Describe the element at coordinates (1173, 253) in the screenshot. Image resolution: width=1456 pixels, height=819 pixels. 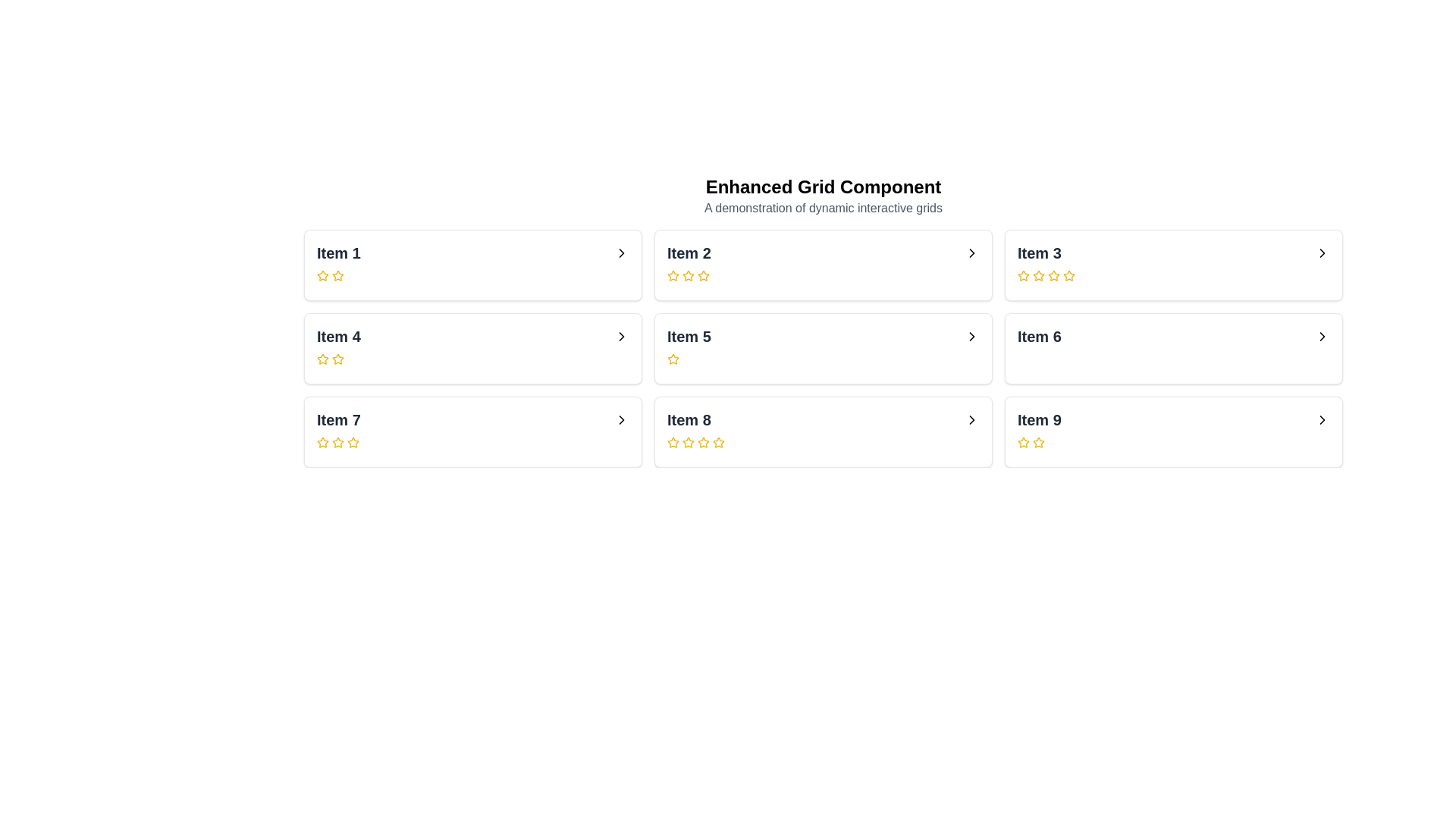
I see `the Layout Item with Interactive Components located in the top-right corner of the grid layout` at that location.